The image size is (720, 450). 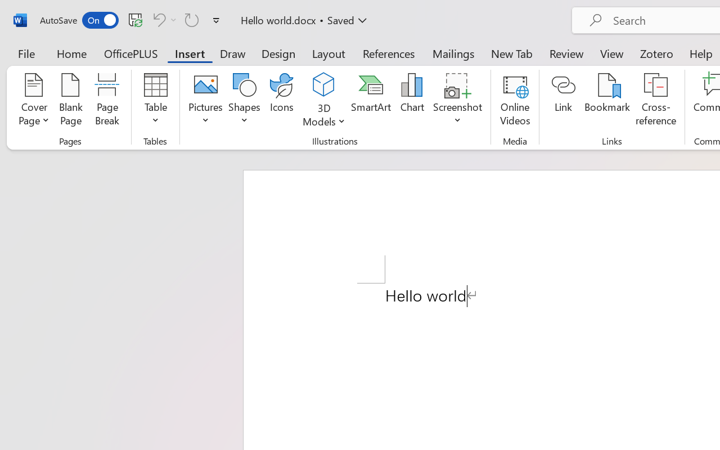 What do you see at coordinates (389, 53) in the screenshot?
I see `'References'` at bounding box center [389, 53].